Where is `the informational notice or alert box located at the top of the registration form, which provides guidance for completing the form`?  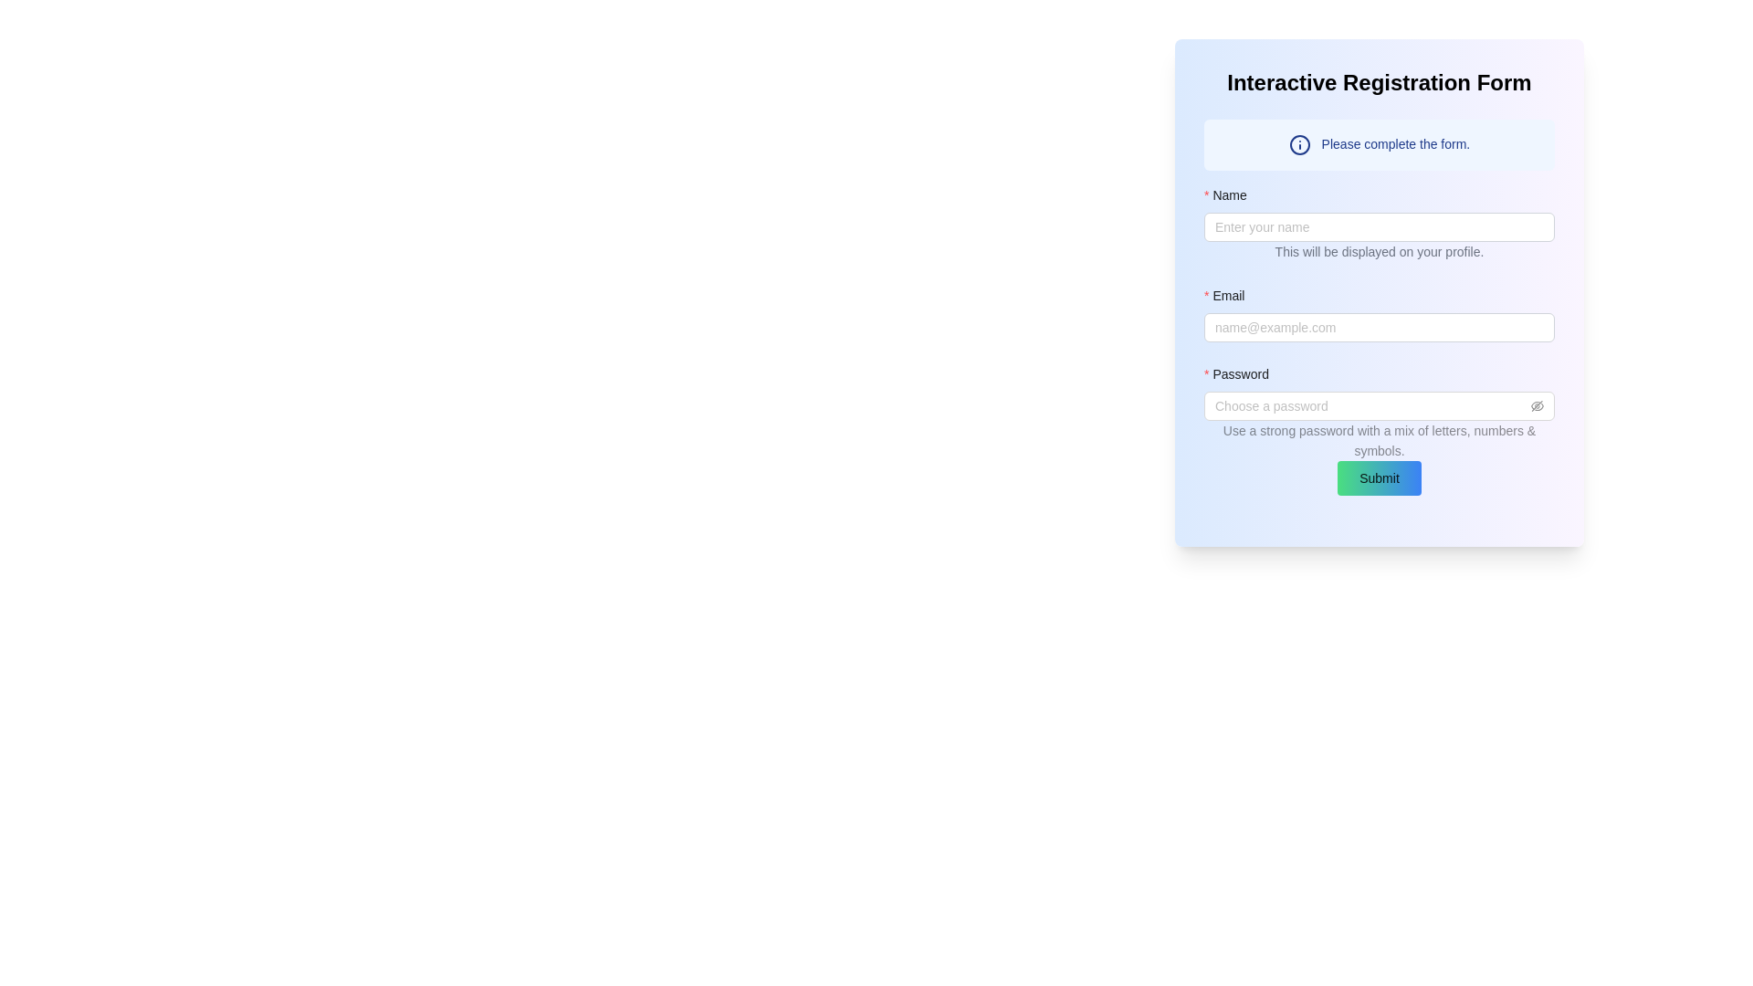 the informational notice or alert box located at the top of the registration form, which provides guidance for completing the form is located at coordinates (1380, 143).